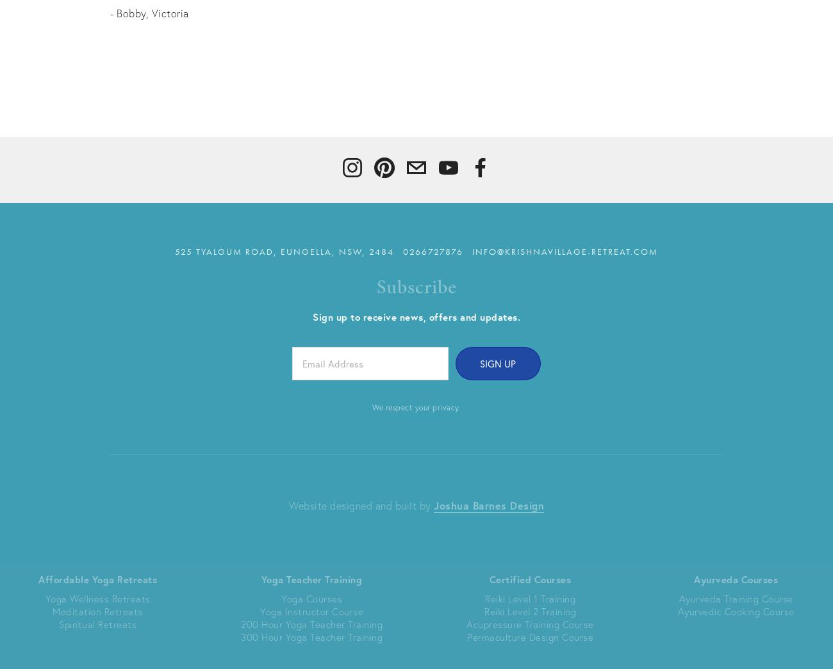  What do you see at coordinates (736, 597) in the screenshot?
I see `'Ayurveda Training Course'` at bounding box center [736, 597].